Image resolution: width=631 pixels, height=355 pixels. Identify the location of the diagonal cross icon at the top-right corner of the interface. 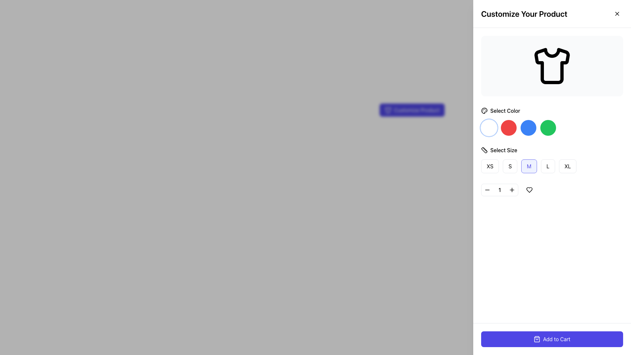
(617, 14).